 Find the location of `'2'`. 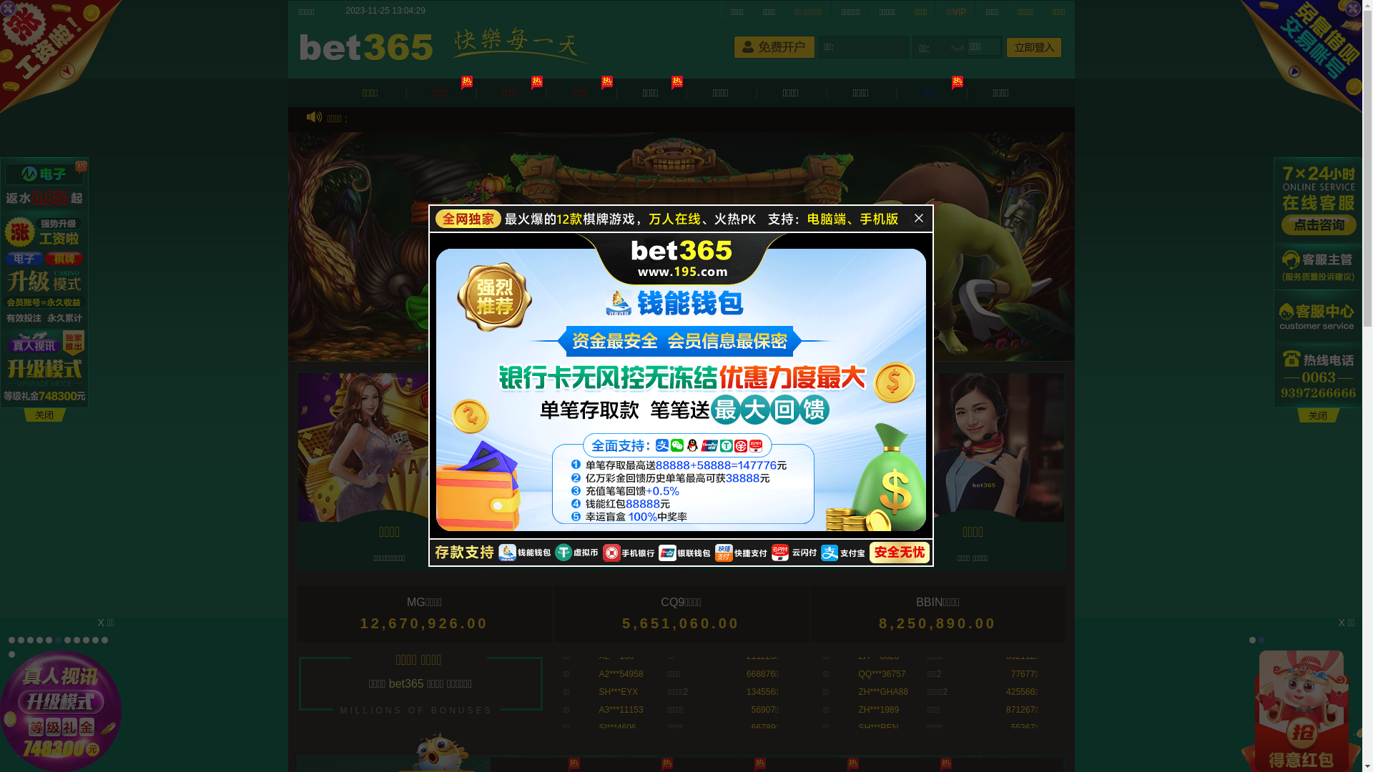

'2' is located at coordinates (1261, 639).